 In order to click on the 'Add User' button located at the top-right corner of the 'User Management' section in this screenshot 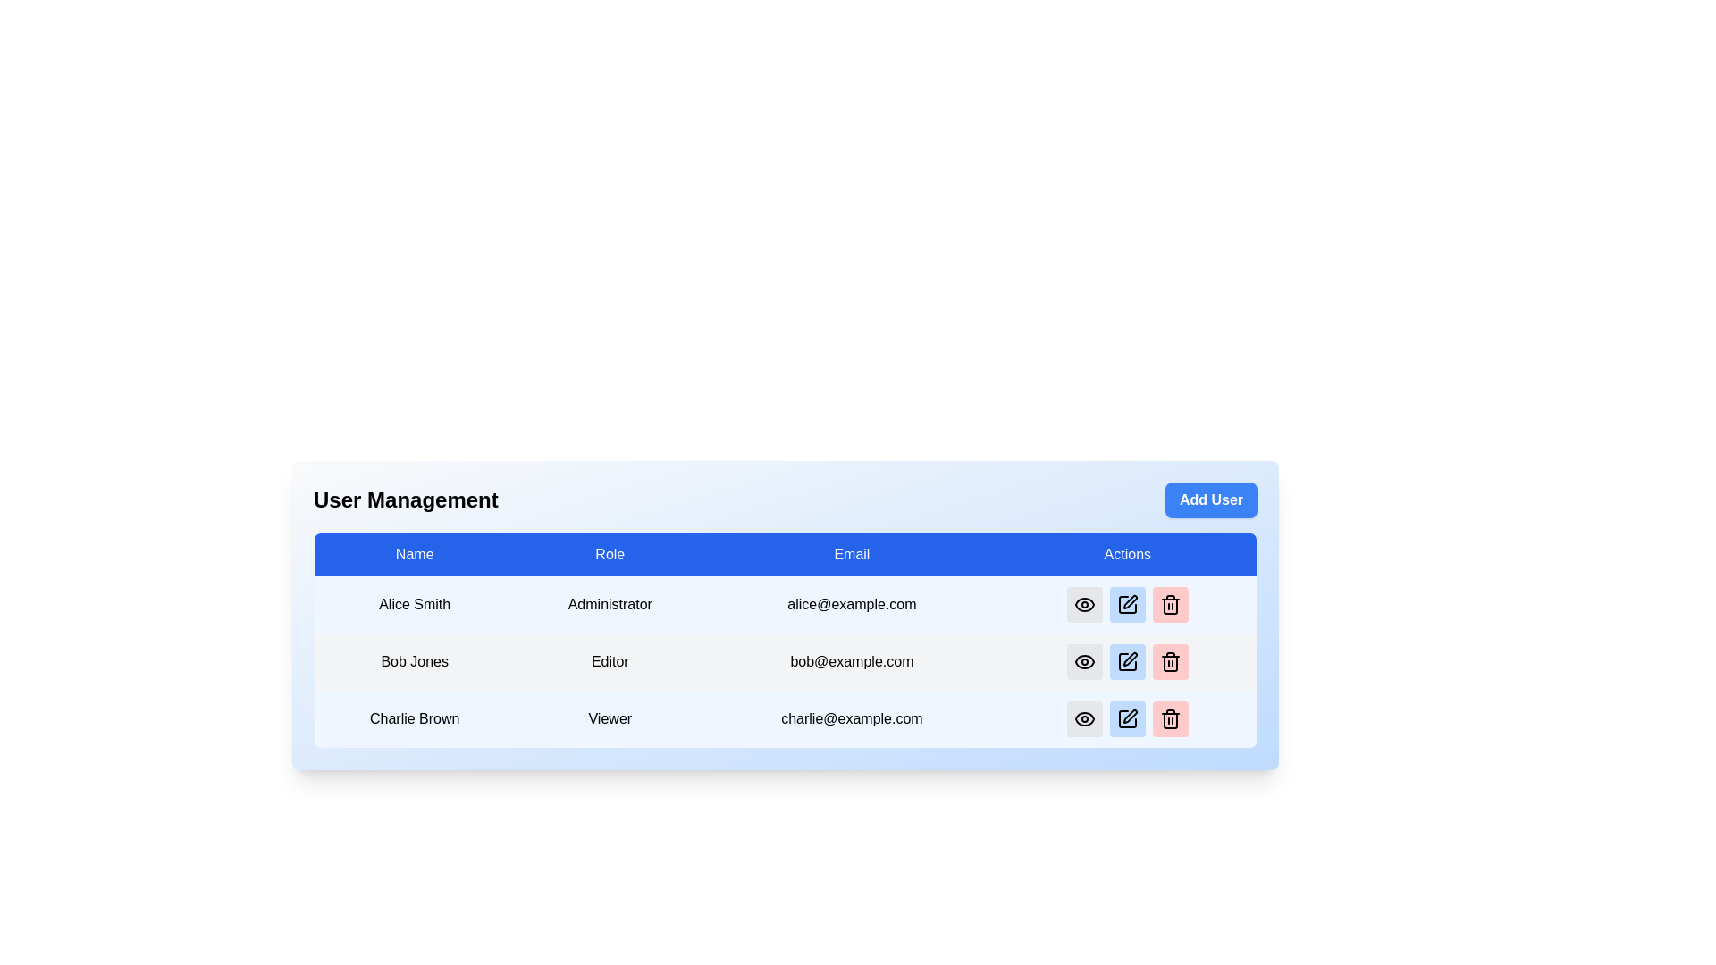, I will do `click(1211, 499)`.